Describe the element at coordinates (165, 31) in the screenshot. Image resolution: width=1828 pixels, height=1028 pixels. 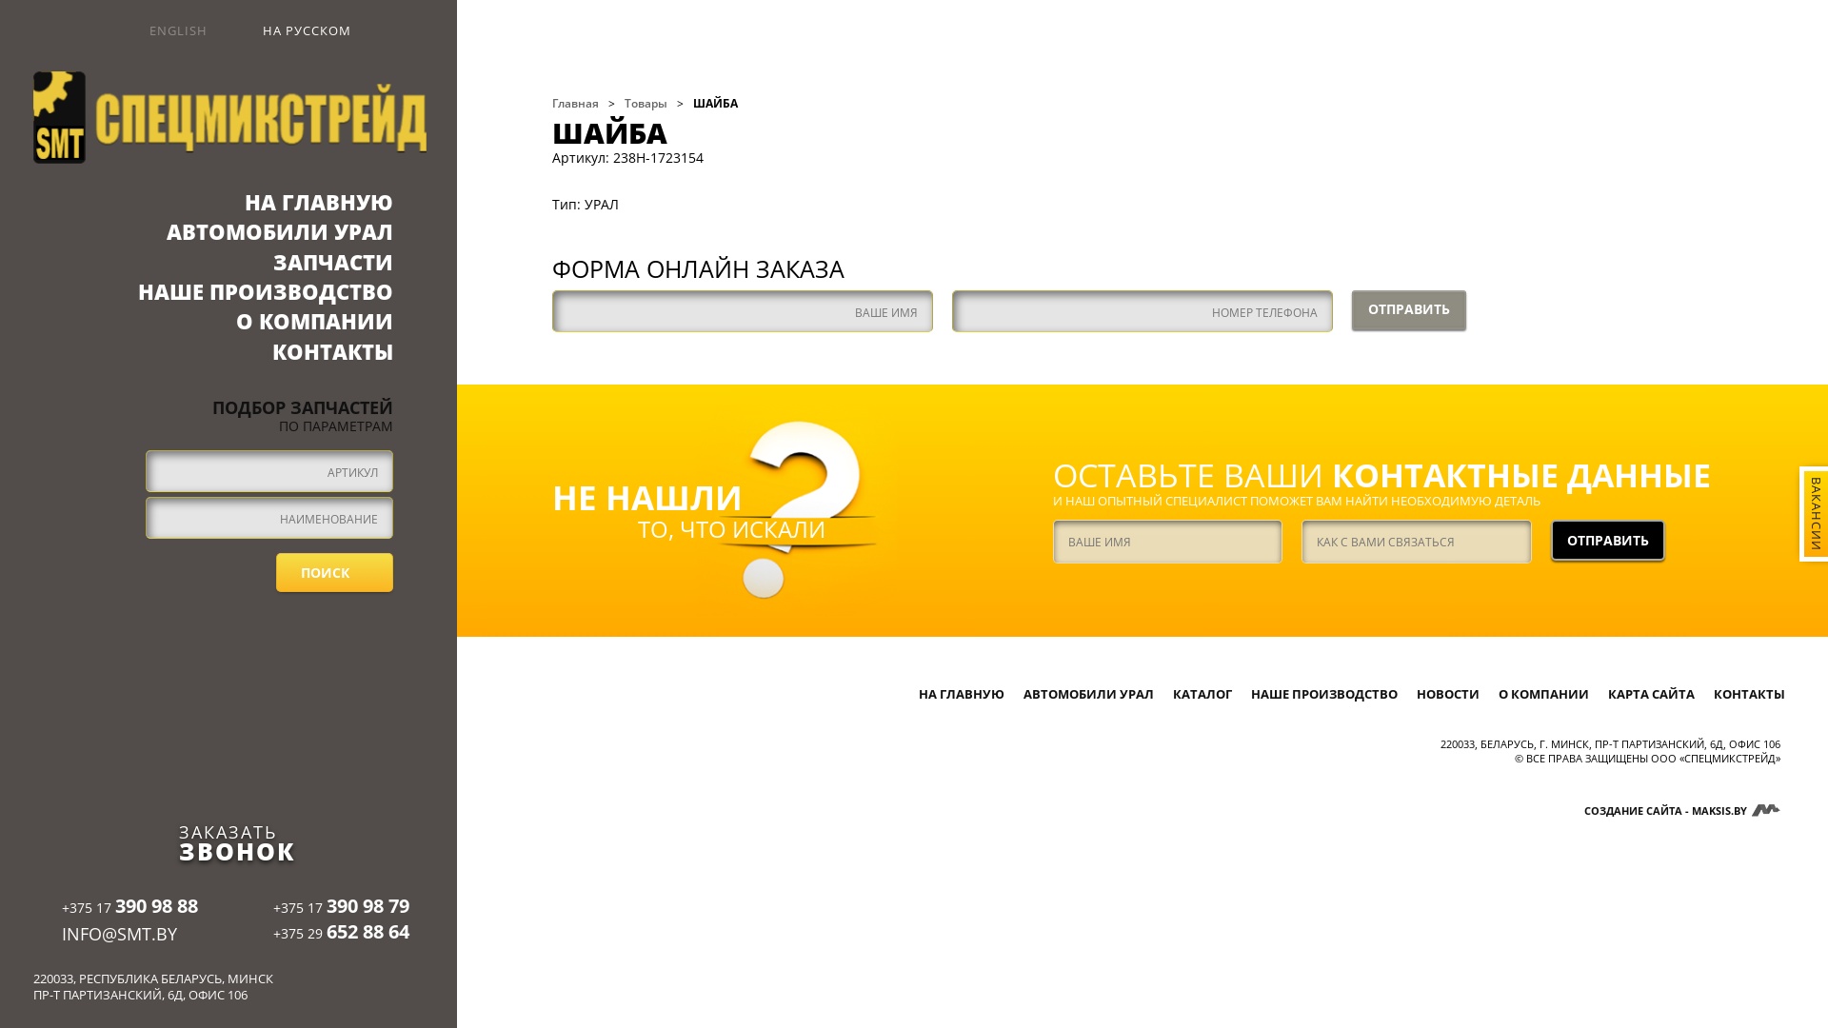
I see `'ENGLISH'` at that location.